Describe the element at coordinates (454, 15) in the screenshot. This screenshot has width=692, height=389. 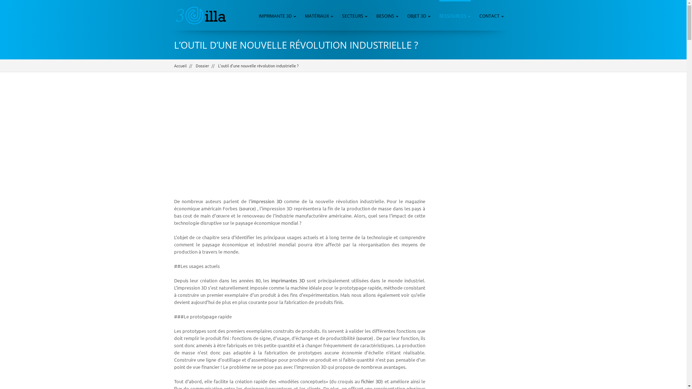
I see `'RESSOURCES'` at that location.